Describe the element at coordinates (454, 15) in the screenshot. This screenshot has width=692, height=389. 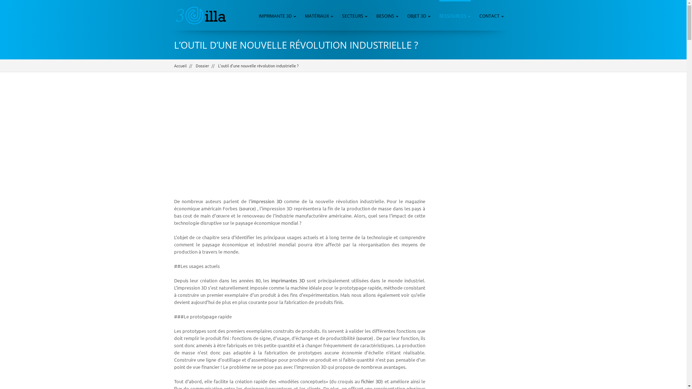
I see `'RESSOURCES'` at that location.